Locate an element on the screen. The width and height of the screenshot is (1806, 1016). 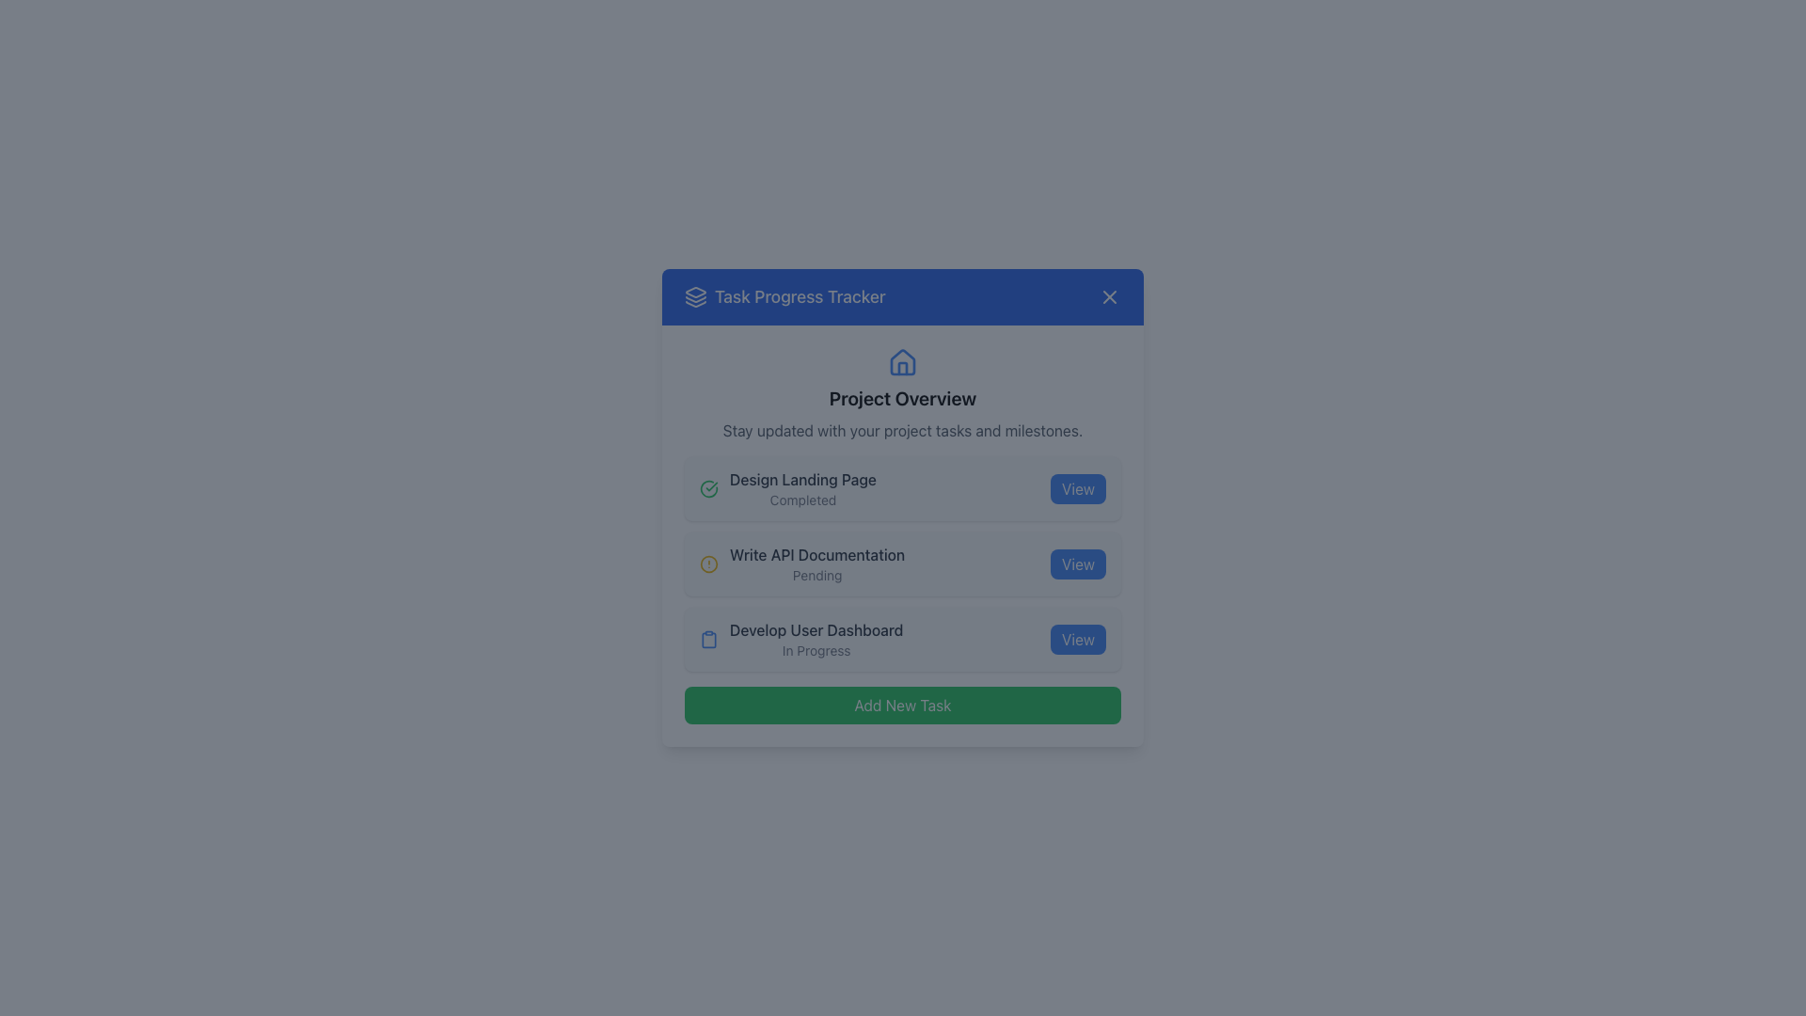
the house icon with blue outlines in the header of the 'Task Progress Tracker' modal interface is located at coordinates (903, 362).